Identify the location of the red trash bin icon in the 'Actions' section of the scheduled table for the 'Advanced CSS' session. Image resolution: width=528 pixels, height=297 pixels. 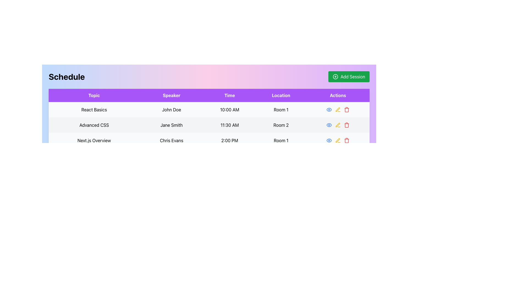
(346, 125).